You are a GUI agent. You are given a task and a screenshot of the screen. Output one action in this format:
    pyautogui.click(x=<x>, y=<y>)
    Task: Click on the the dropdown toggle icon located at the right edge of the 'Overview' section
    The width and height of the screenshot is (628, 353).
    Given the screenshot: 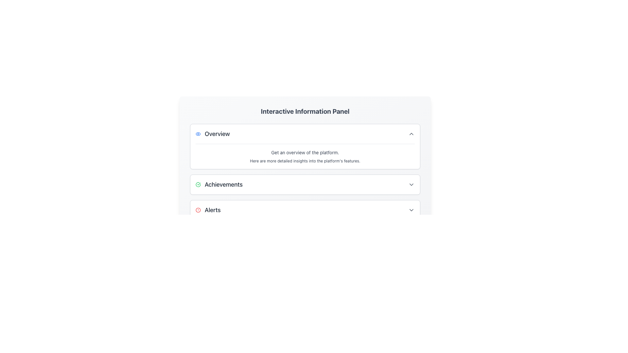 What is the action you would take?
    pyautogui.click(x=411, y=133)
    